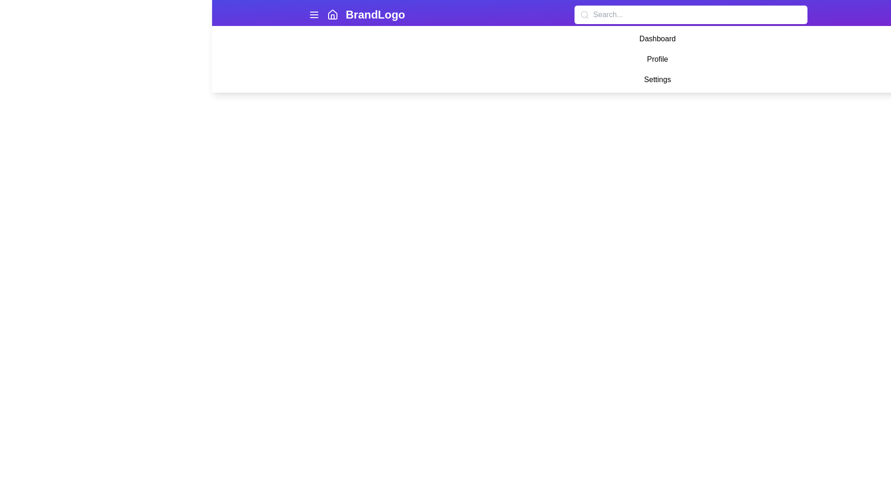  Describe the element at coordinates (332, 14) in the screenshot. I see `the home icon, which is an SVG representation of a house located in the top navigation bar` at that location.